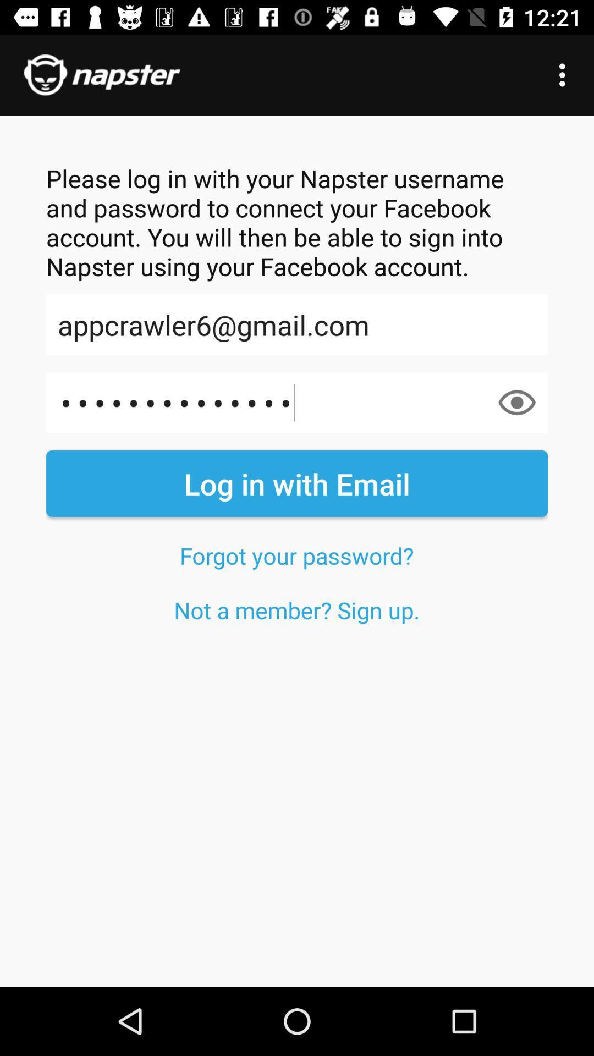  Describe the element at coordinates (565, 74) in the screenshot. I see `the icon above the please log in item` at that location.